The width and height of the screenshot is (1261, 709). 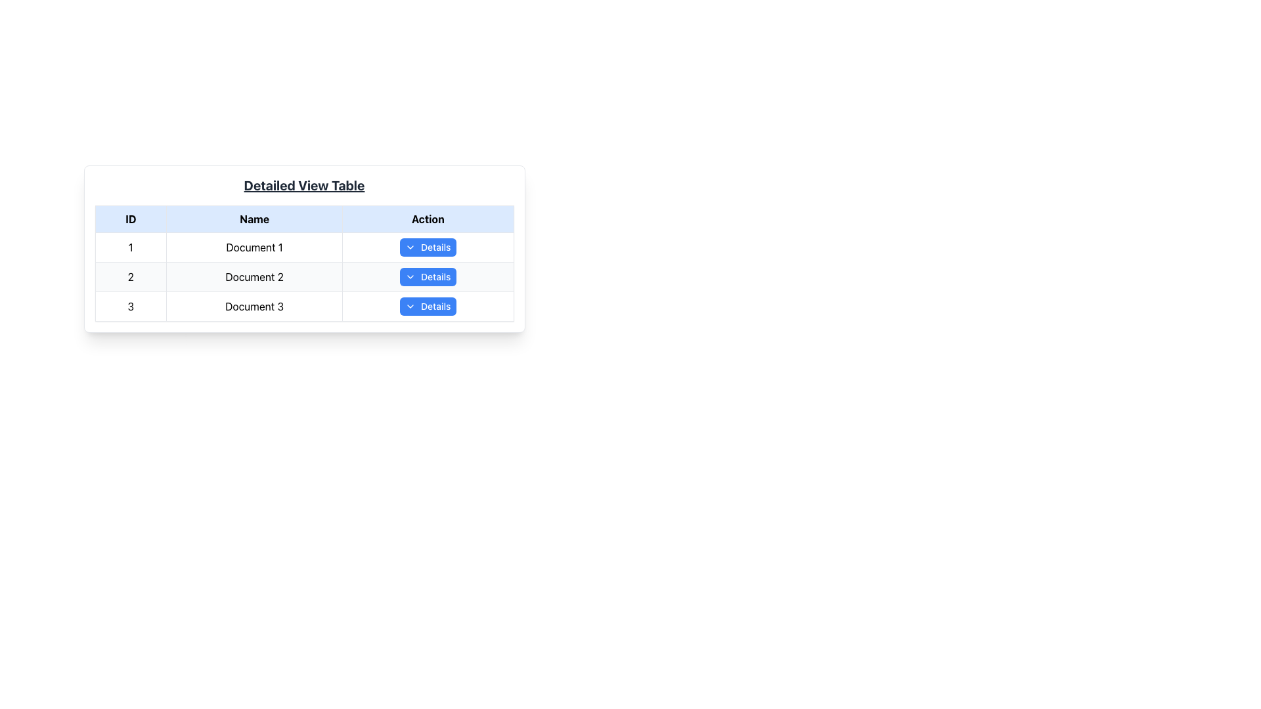 What do you see at coordinates (254, 306) in the screenshot?
I see `the Text display element that shows 'Document 3' in the third row of the table under the 'Name' column` at bounding box center [254, 306].